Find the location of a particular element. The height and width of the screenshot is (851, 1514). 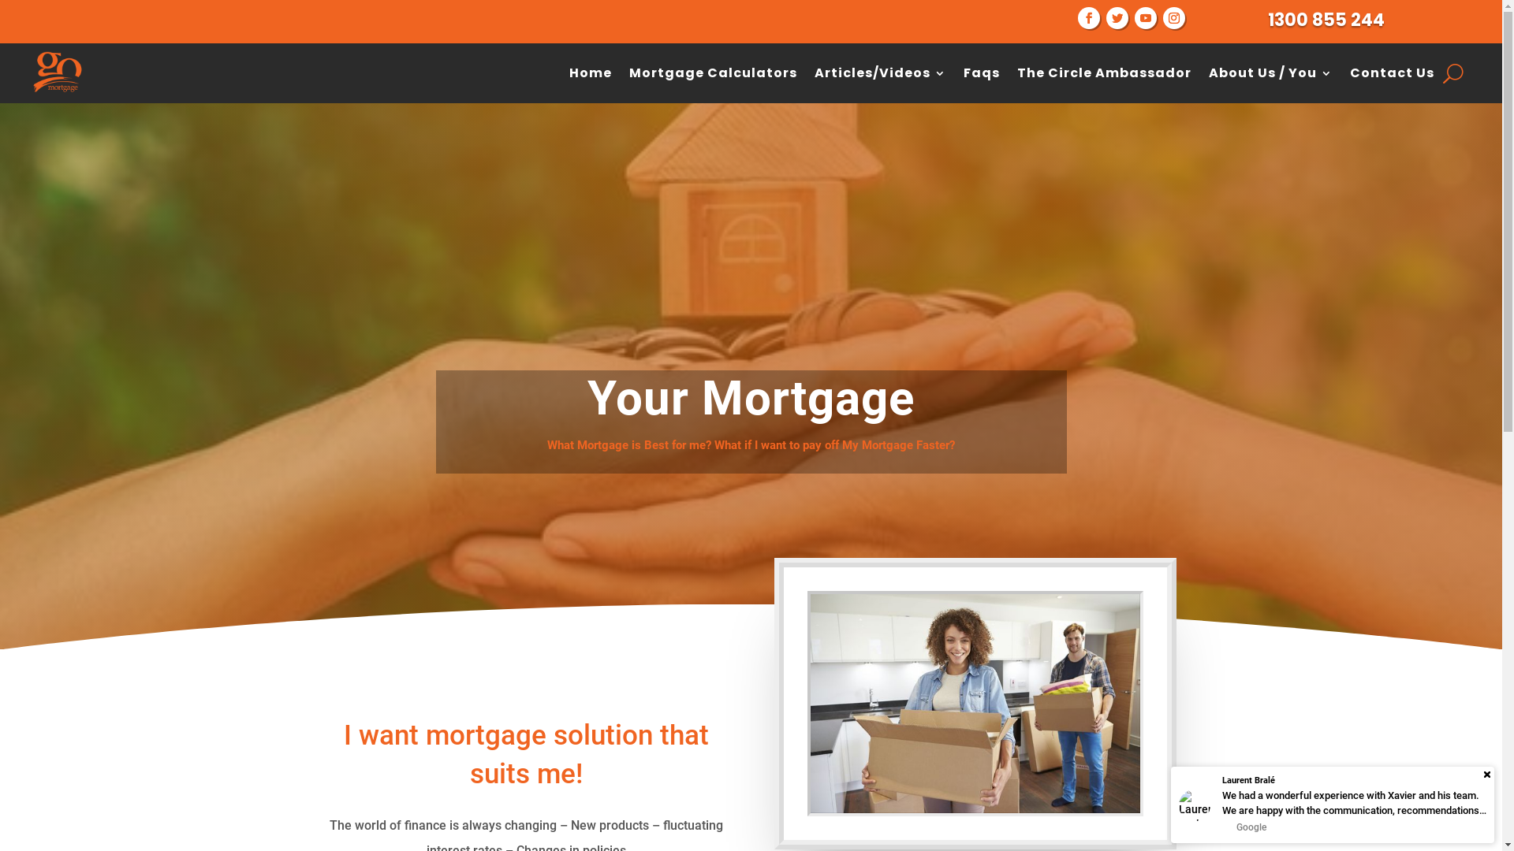

'Follow on Facebook' is located at coordinates (1077, 18).